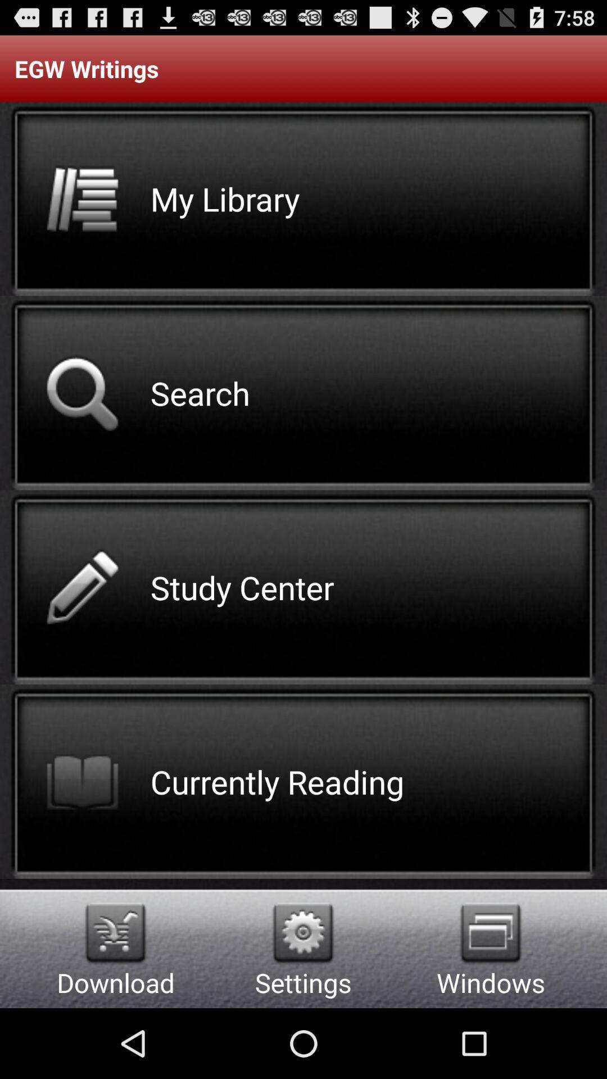  What do you see at coordinates (490, 933) in the screenshot?
I see `switch the windows option` at bounding box center [490, 933].